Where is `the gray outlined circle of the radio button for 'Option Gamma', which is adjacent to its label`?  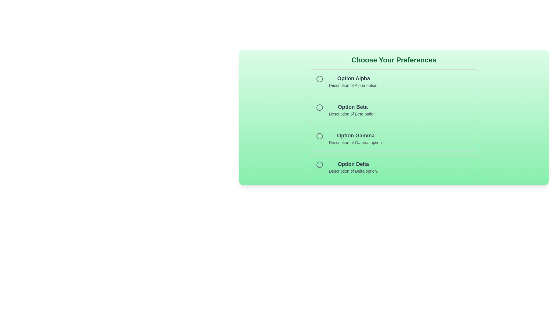
the gray outlined circle of the radio button for 'Option Gamma', which is adjacent to its label is located at coordinates (319, 136).